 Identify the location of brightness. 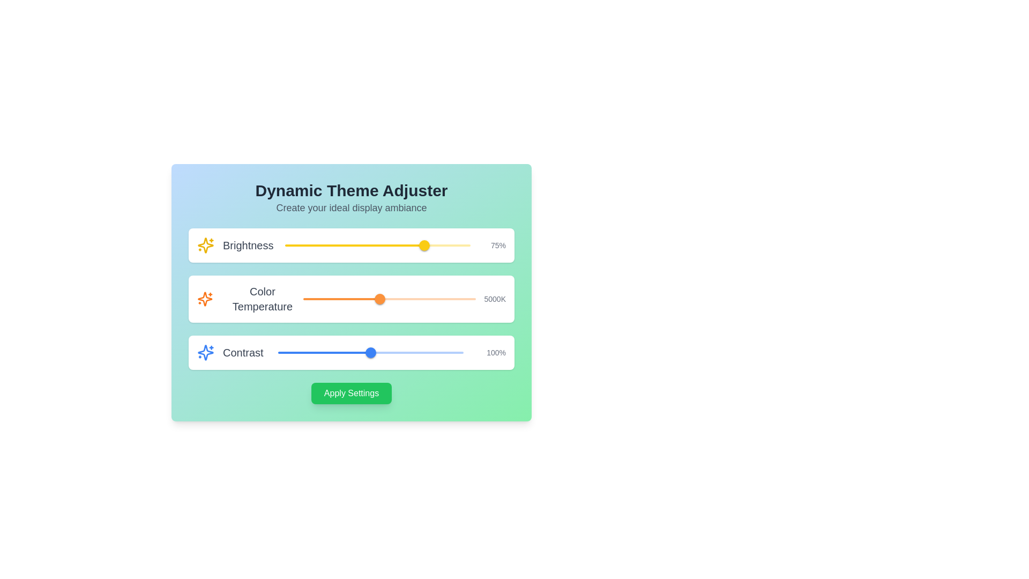
(441, 246).